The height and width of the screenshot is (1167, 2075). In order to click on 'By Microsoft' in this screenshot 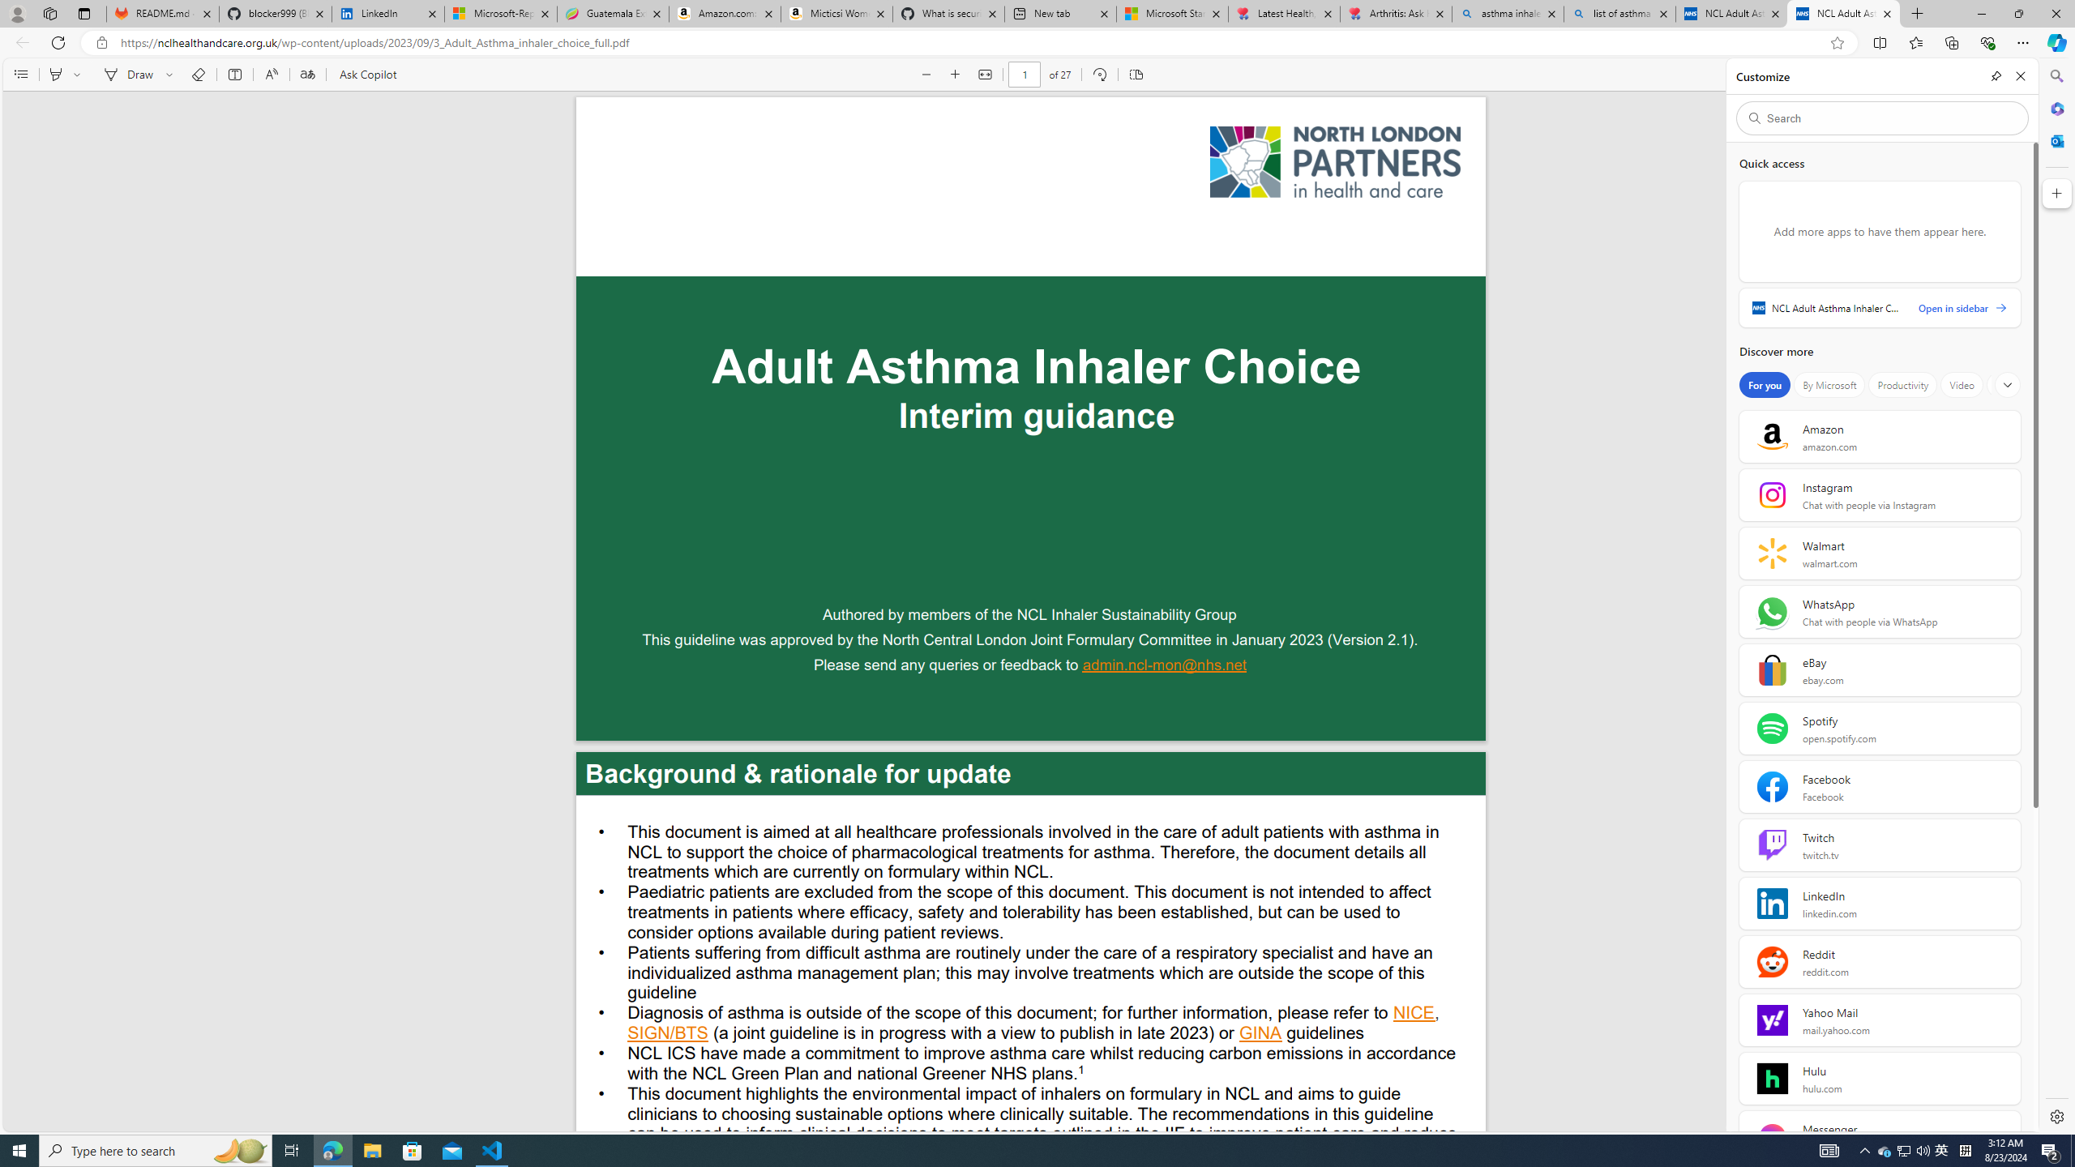, I will do `click(1828, 384)`.